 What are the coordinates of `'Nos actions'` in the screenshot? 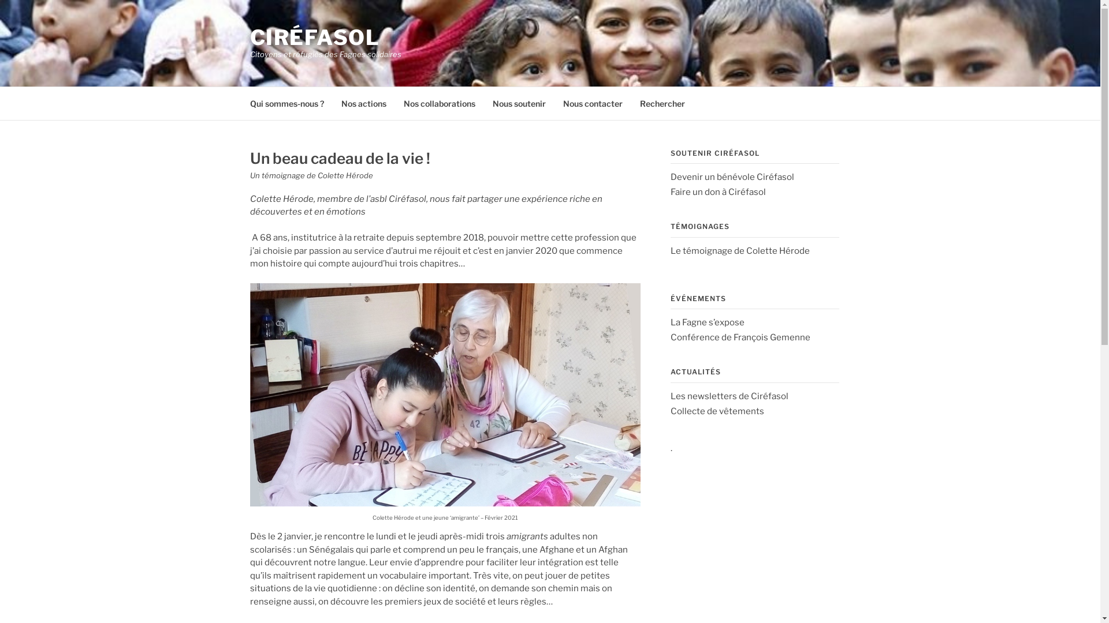 It's located at (362, 102).